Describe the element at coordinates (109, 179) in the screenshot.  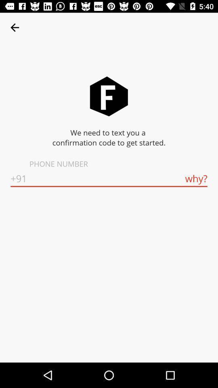
I see `phone number text field` at that location.